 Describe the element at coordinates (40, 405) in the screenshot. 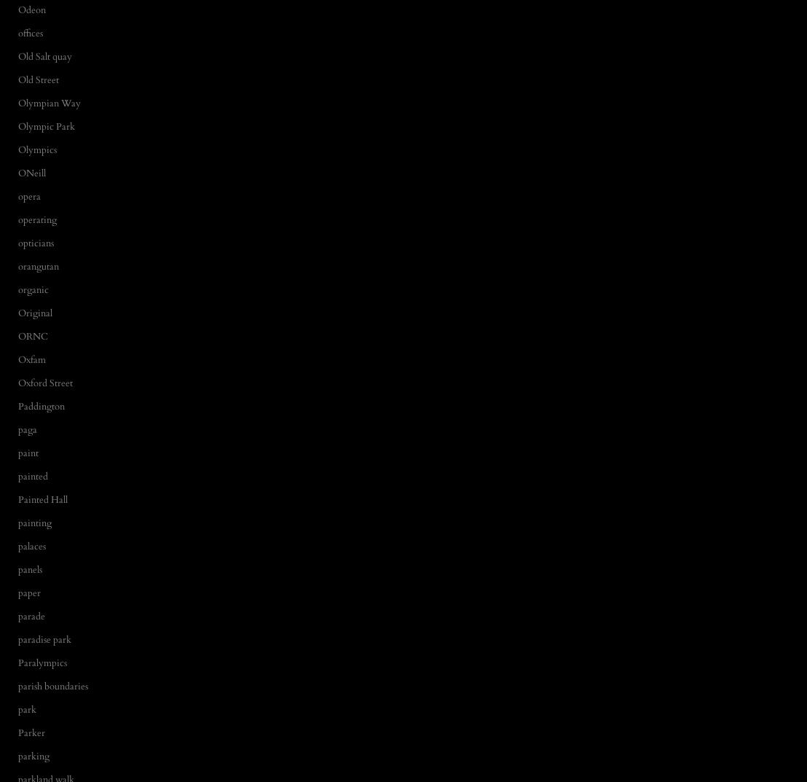

I see `'Paddington'` at that location.